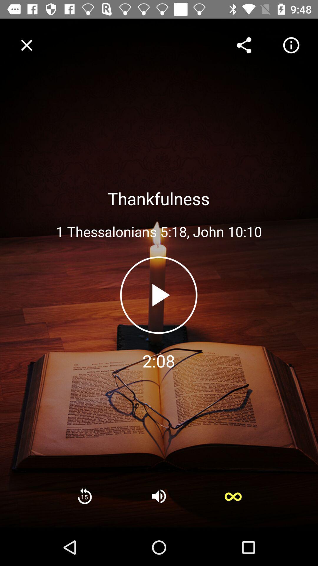 The height and width of the screenshot is (566, 318). Describe the element at coordinates (159, 496) in the screenshot. I see `the volume icon` at that location.